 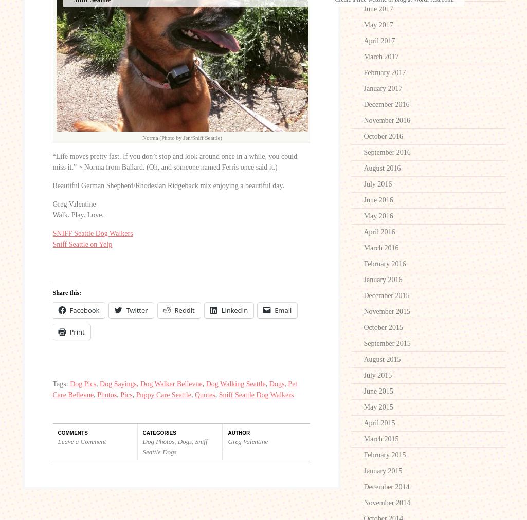 I want to click on 'February 2017', so click(x=385, y=72).